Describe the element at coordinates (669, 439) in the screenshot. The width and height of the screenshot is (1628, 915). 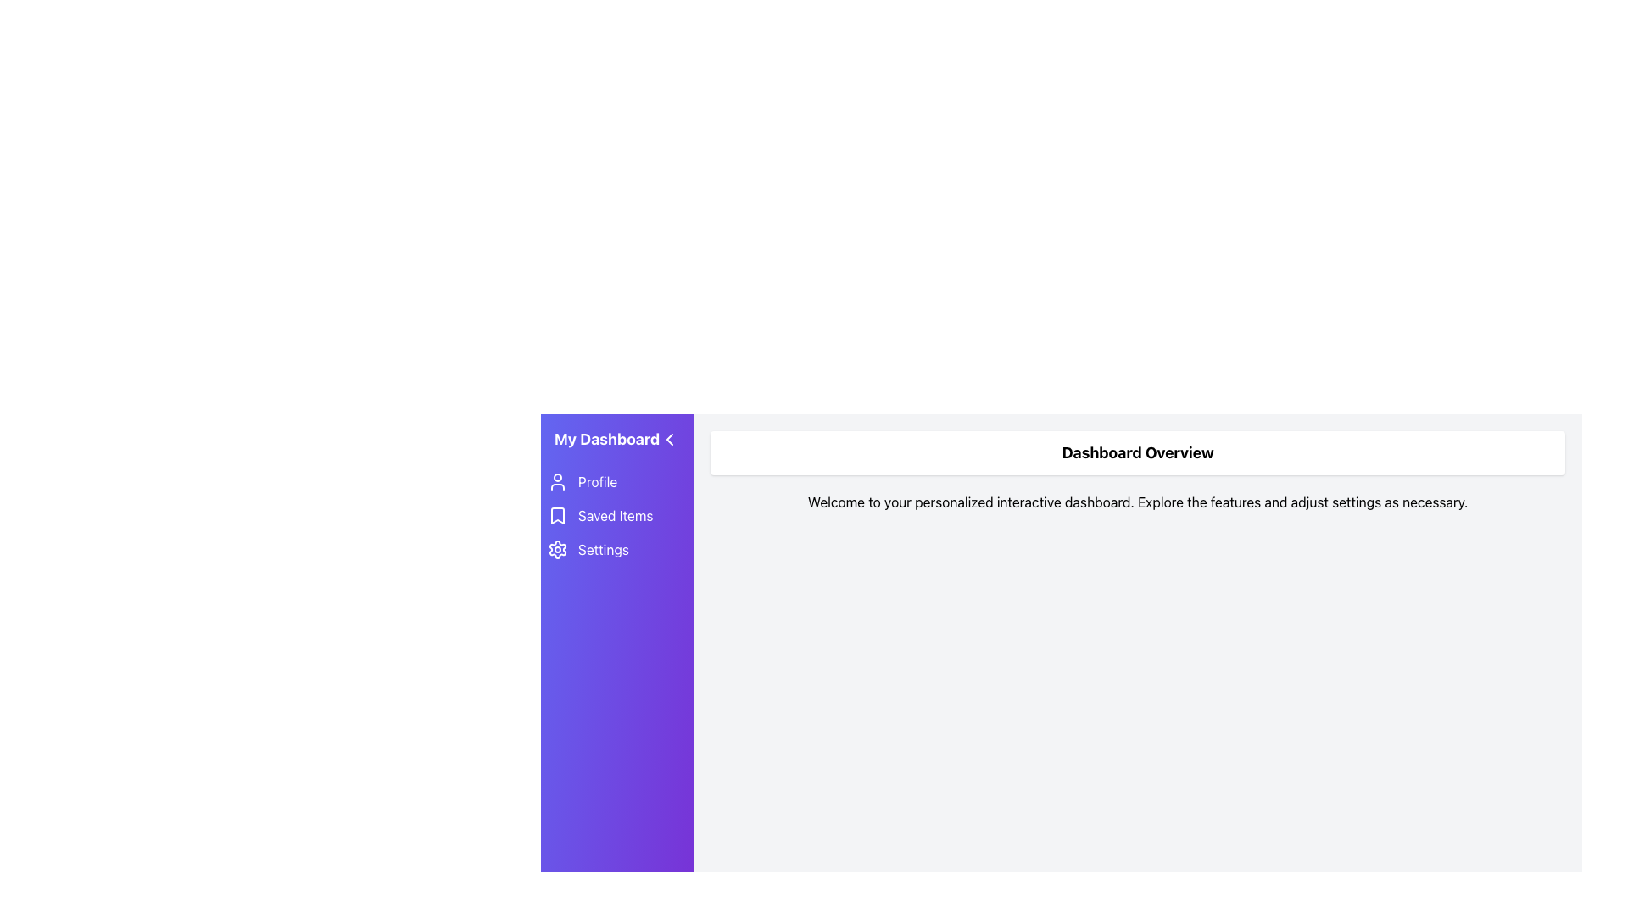
I see `the left-facing chevron icon button, which is styled in white against a purple background, located to the far-right of the title 'My Dashboard' in the header section of the sidebar` at that location.